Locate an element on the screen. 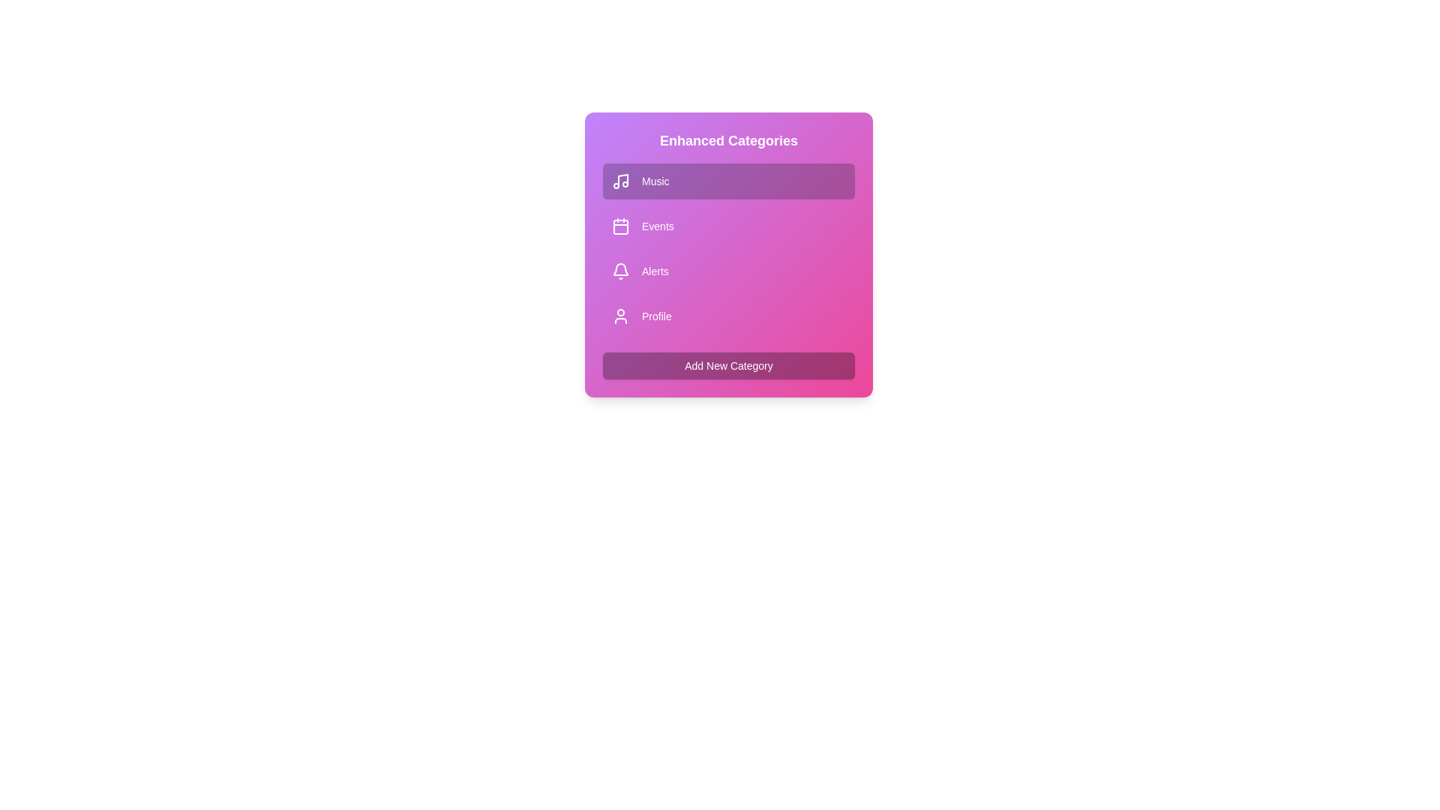  the category Music to observe the hover effect is located at coordinates (728, 181).